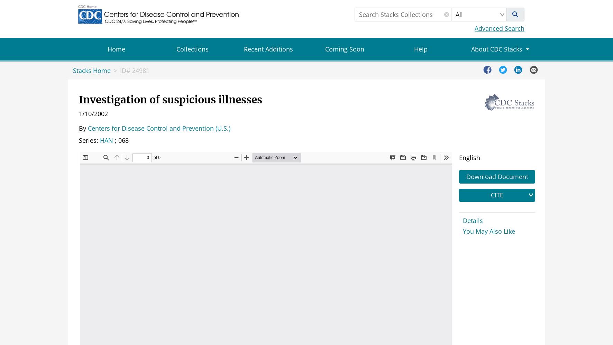 The width and height of the screenshot is (613, 345). Describe the element at coordinates (496, 176) in the screenshot. I see `'Download Document'` at that location.